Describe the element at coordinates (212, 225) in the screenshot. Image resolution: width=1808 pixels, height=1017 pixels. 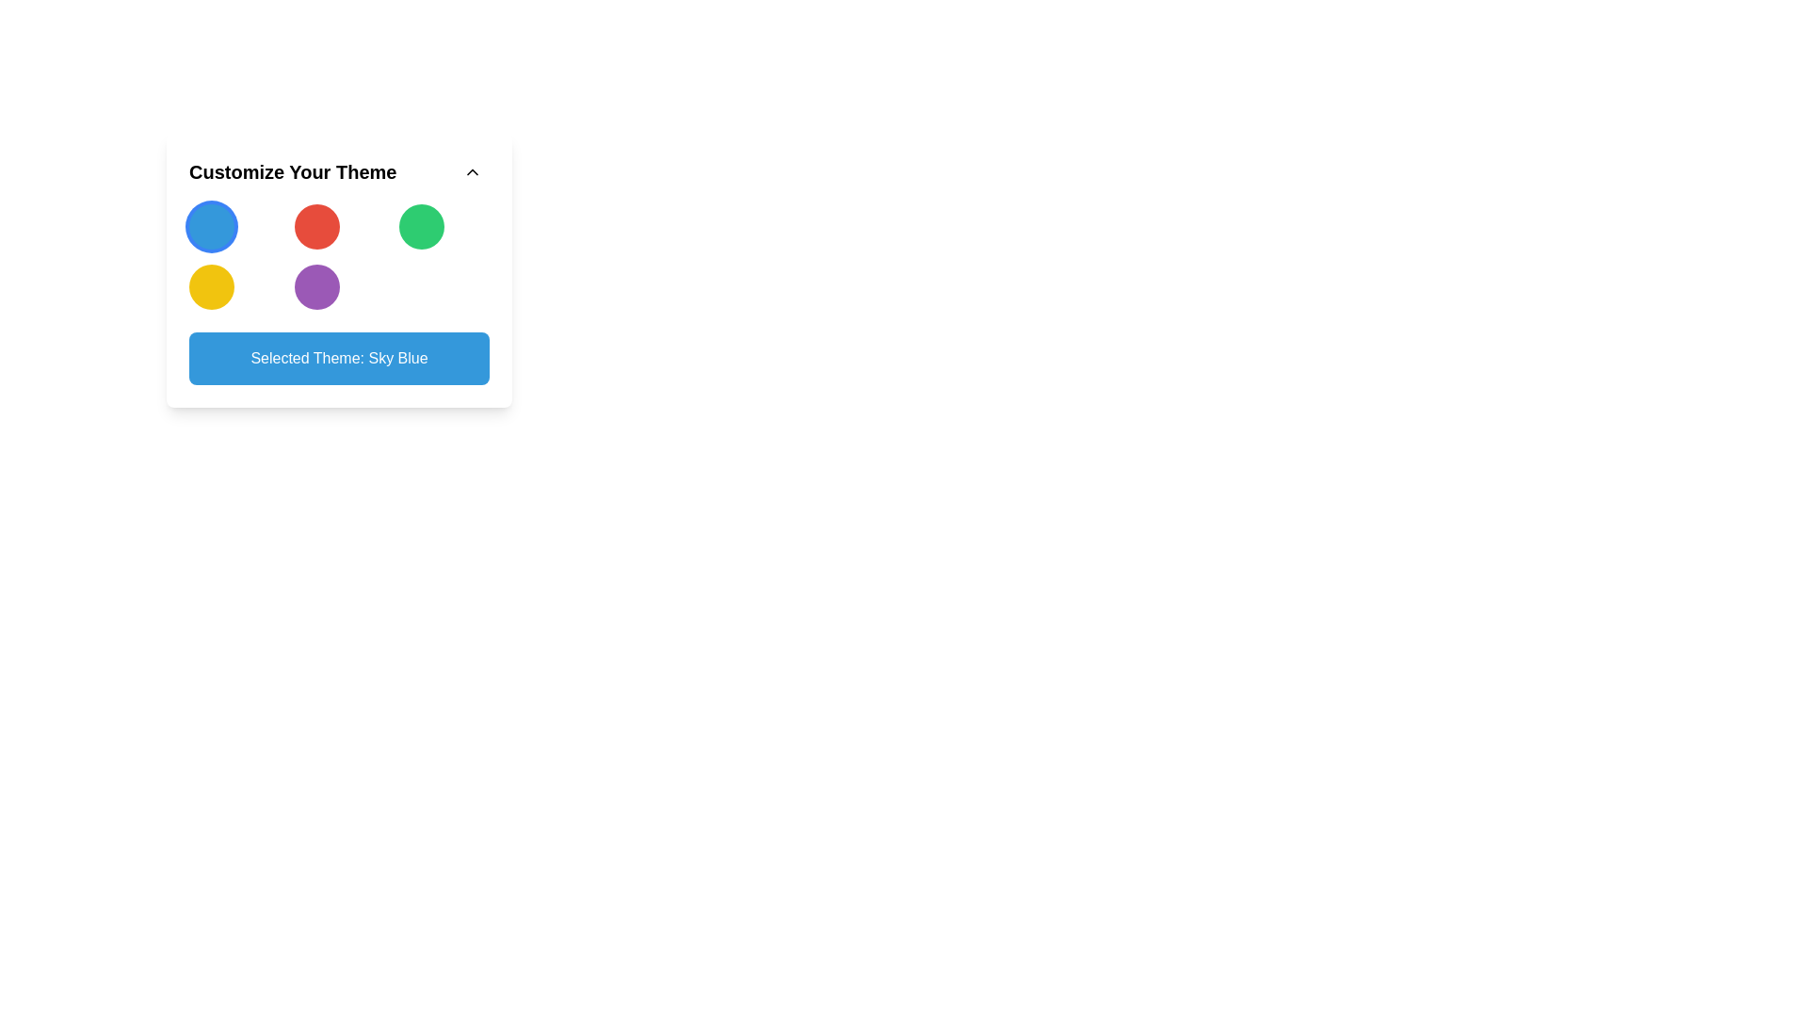
I see `the circular button labeled 'Sky Blue'` at that location.